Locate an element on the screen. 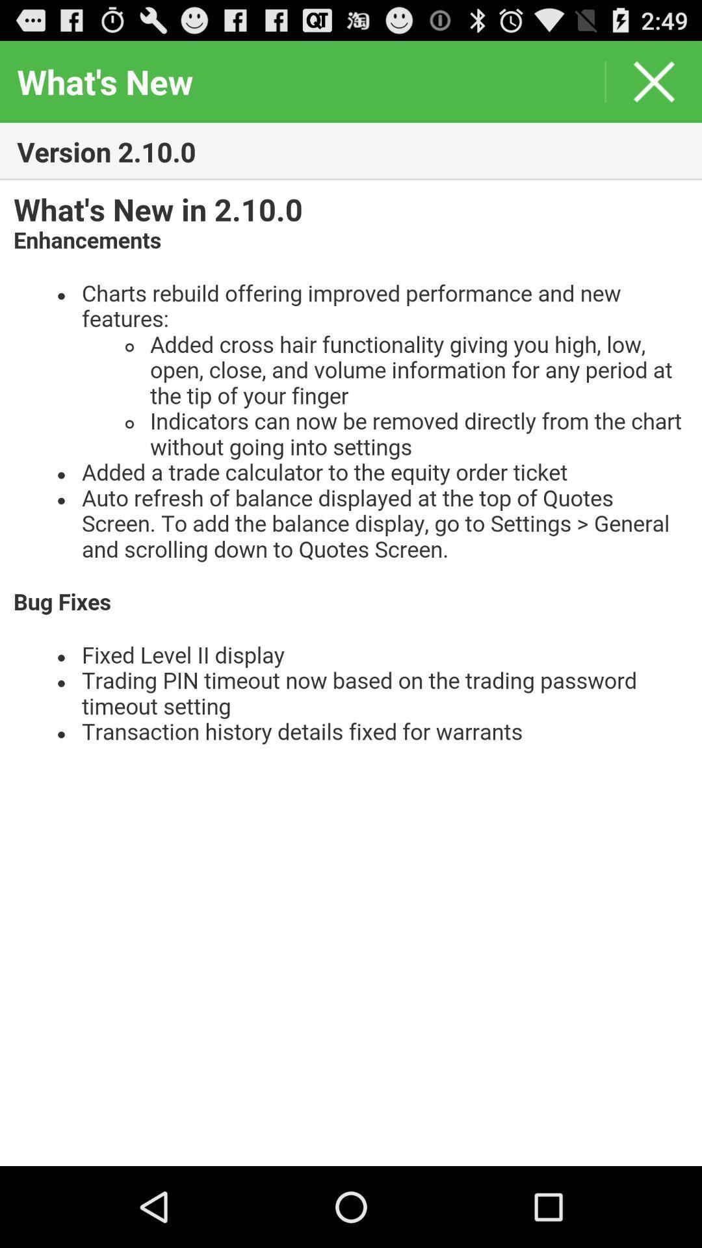 The height and width of the screenshot is (1248, 702). news field is located at coordinates (351, 673).